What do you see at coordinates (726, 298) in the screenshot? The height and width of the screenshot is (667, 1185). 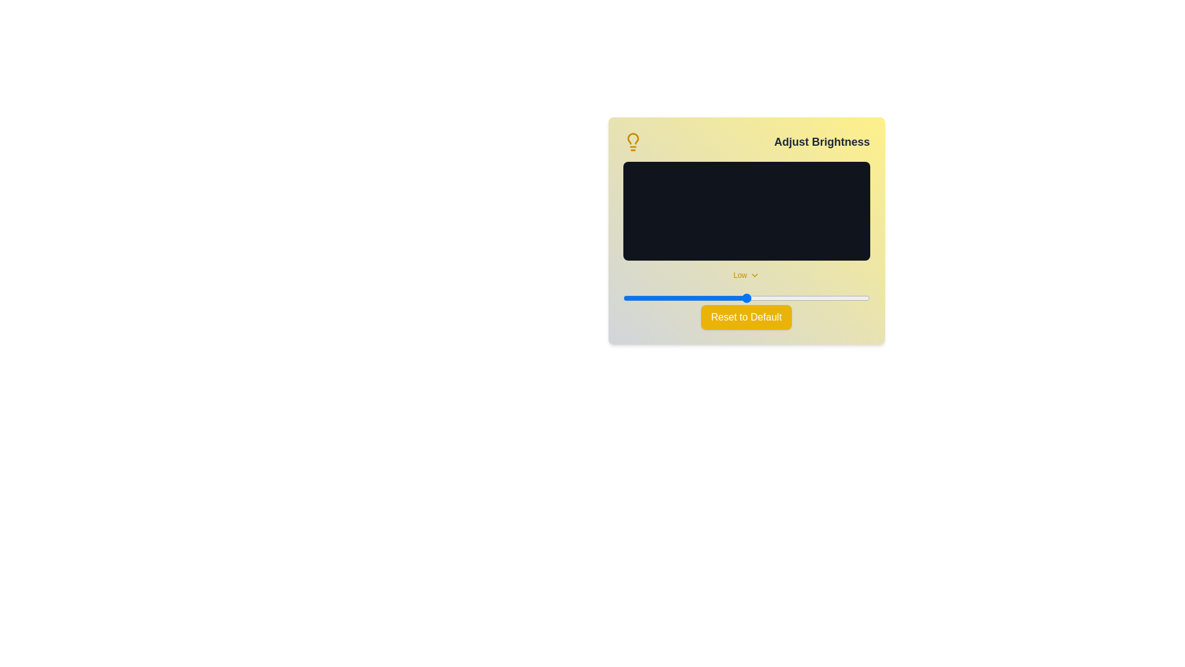 I see `the brightness slider to 42 percent` at bounding box center [726, 298].